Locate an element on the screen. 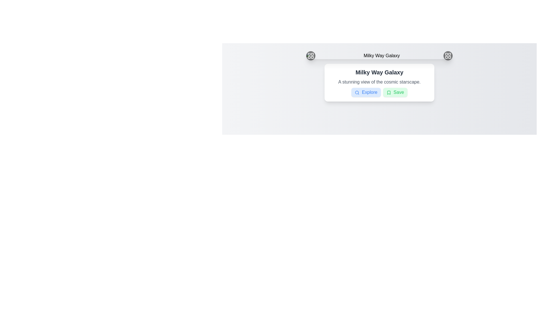  the heading text element that displays 'Milky Way Galaxy' in bold and large font, located at the center of a white card is located at coordinates (379, 72).